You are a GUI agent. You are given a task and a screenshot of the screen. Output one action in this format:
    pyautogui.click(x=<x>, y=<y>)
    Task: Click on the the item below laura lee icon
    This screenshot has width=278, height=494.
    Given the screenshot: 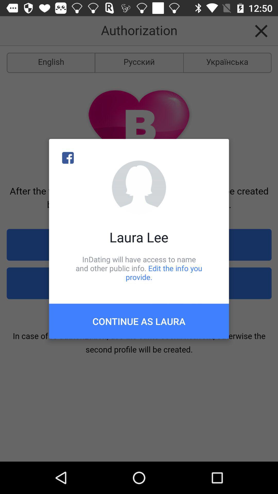 What is the action you would take?
    pyautogui.click(x=139, y=268)
    